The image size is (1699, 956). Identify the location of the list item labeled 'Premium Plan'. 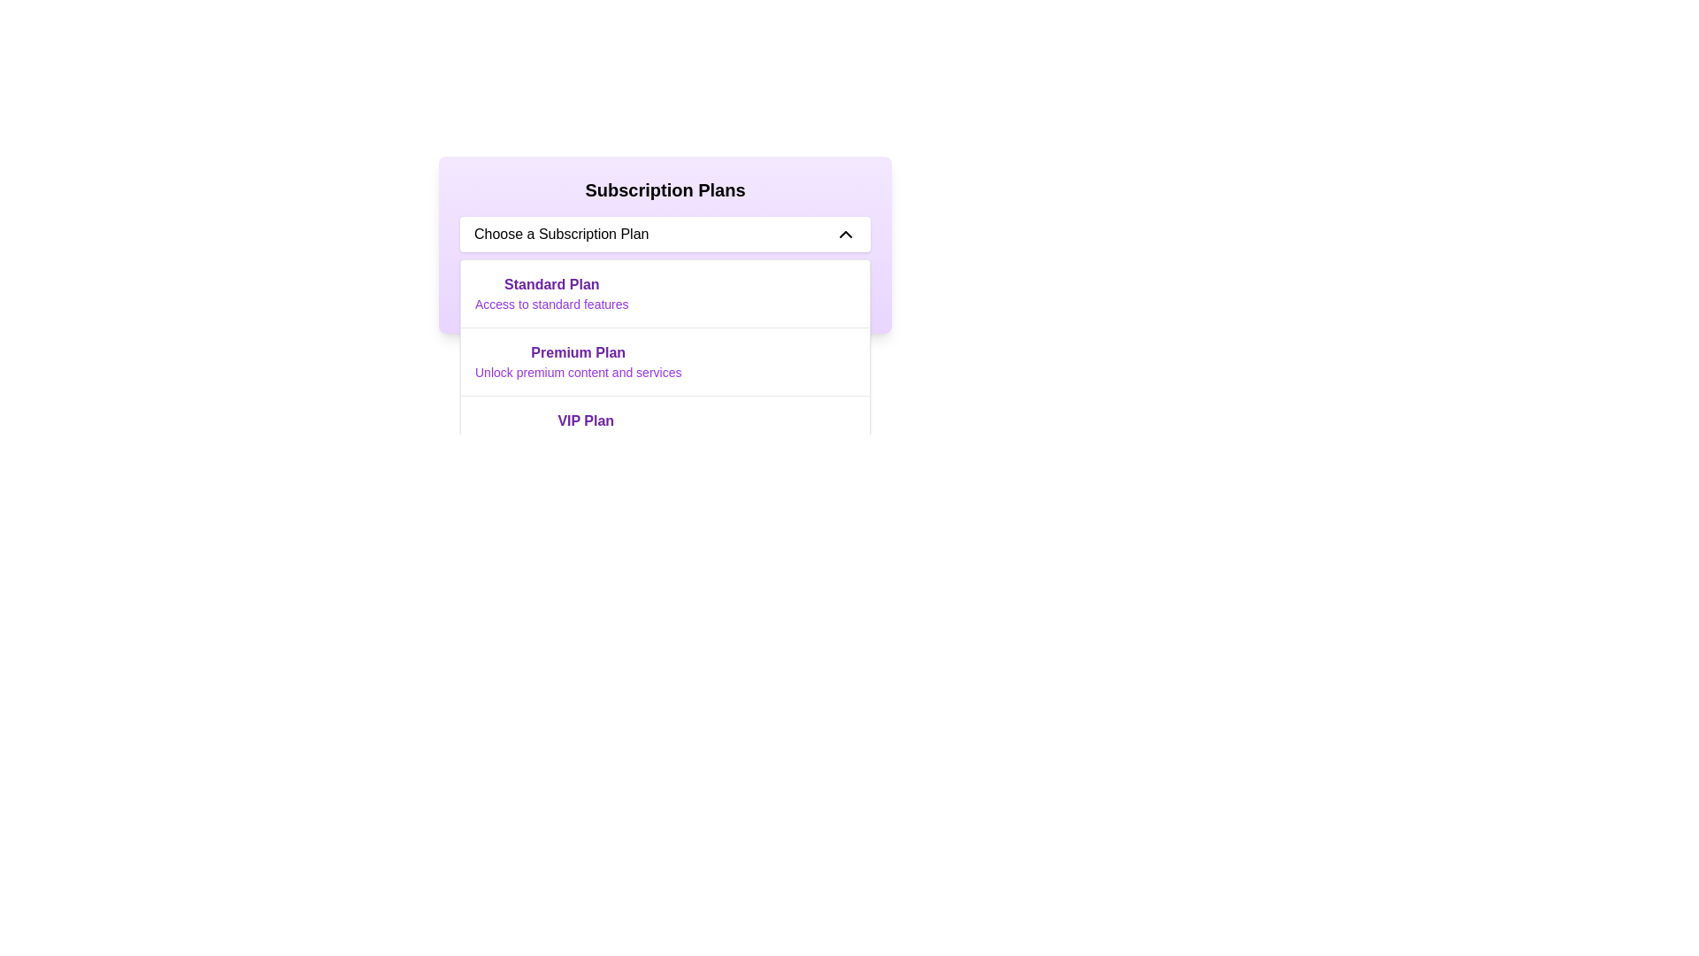
(665, 360).